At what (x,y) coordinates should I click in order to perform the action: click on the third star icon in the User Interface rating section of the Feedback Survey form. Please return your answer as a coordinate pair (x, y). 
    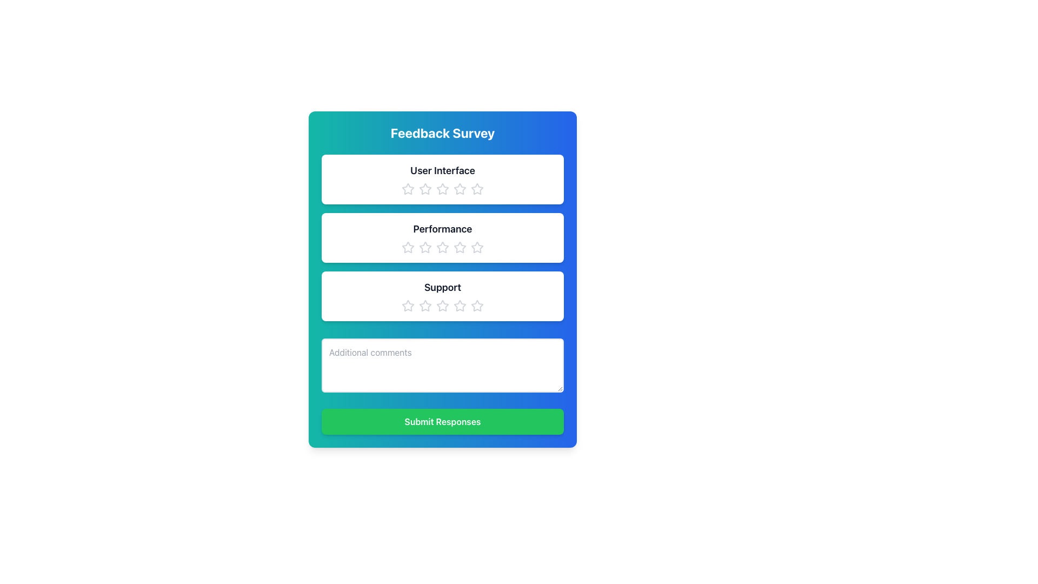
    Looking at the image, I should click on (443, 188).